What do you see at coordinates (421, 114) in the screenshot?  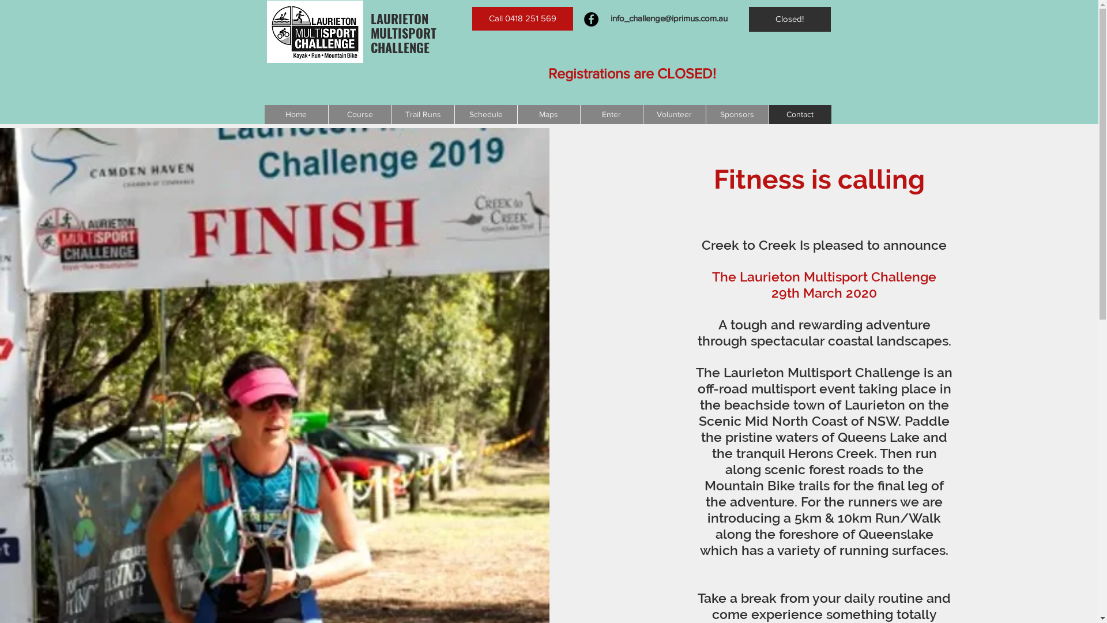 I see `'Trail Runs'` at bounding box center [421, 114].